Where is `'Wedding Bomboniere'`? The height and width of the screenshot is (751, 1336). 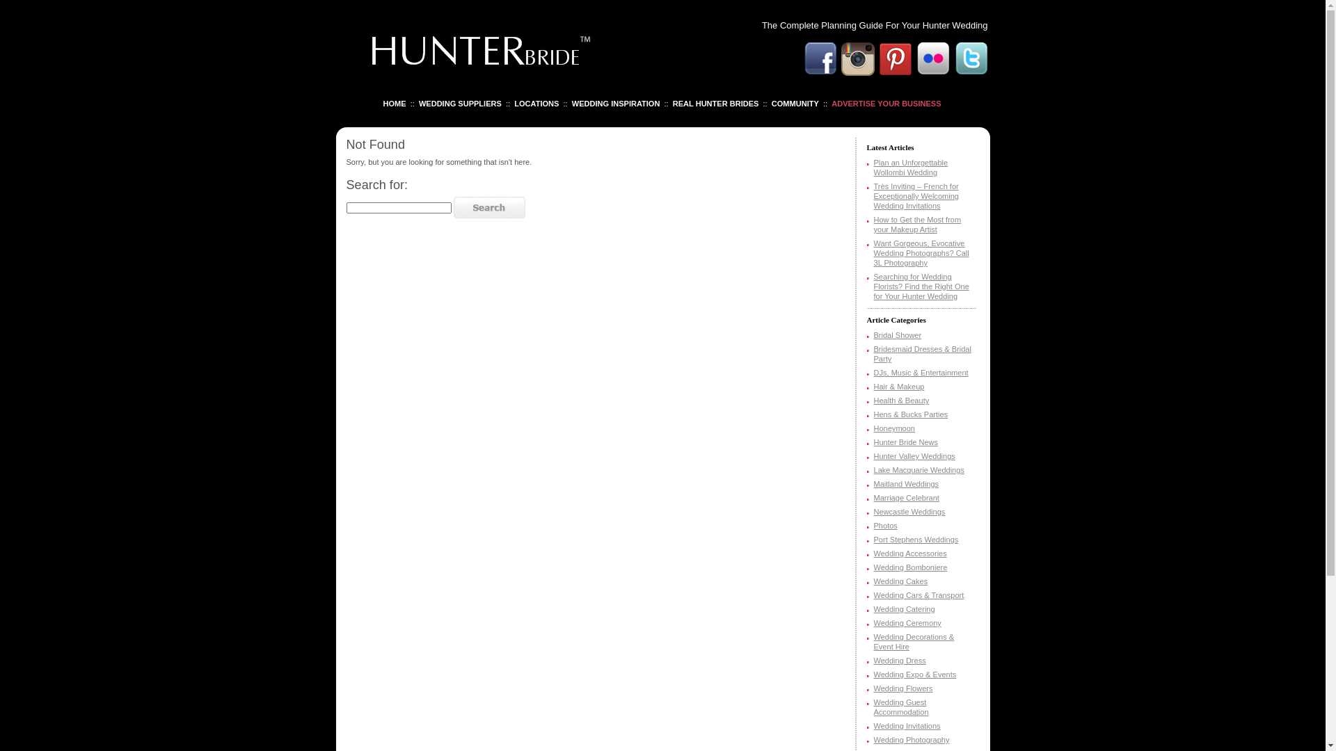
'Wedding Bomboniere' is located at coordinates (911, 567).